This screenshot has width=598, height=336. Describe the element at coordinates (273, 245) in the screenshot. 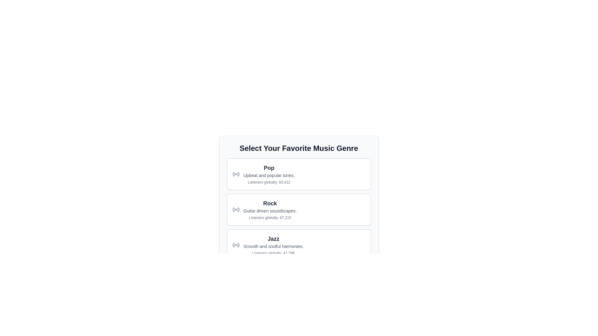

I see `information displayed in the text block about the music genre 'Jazz', which includes the title, subtitle, and listener count` at that location.